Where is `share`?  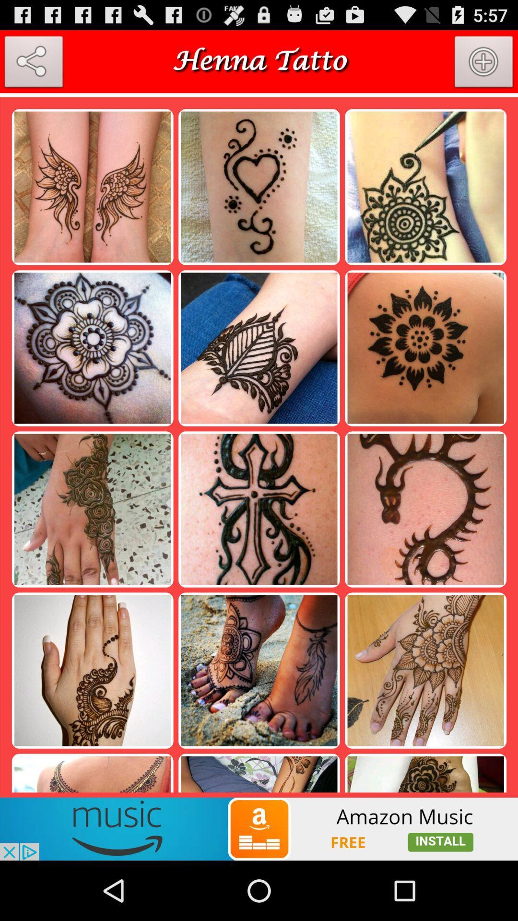 share is located at coordinates (33, 63).